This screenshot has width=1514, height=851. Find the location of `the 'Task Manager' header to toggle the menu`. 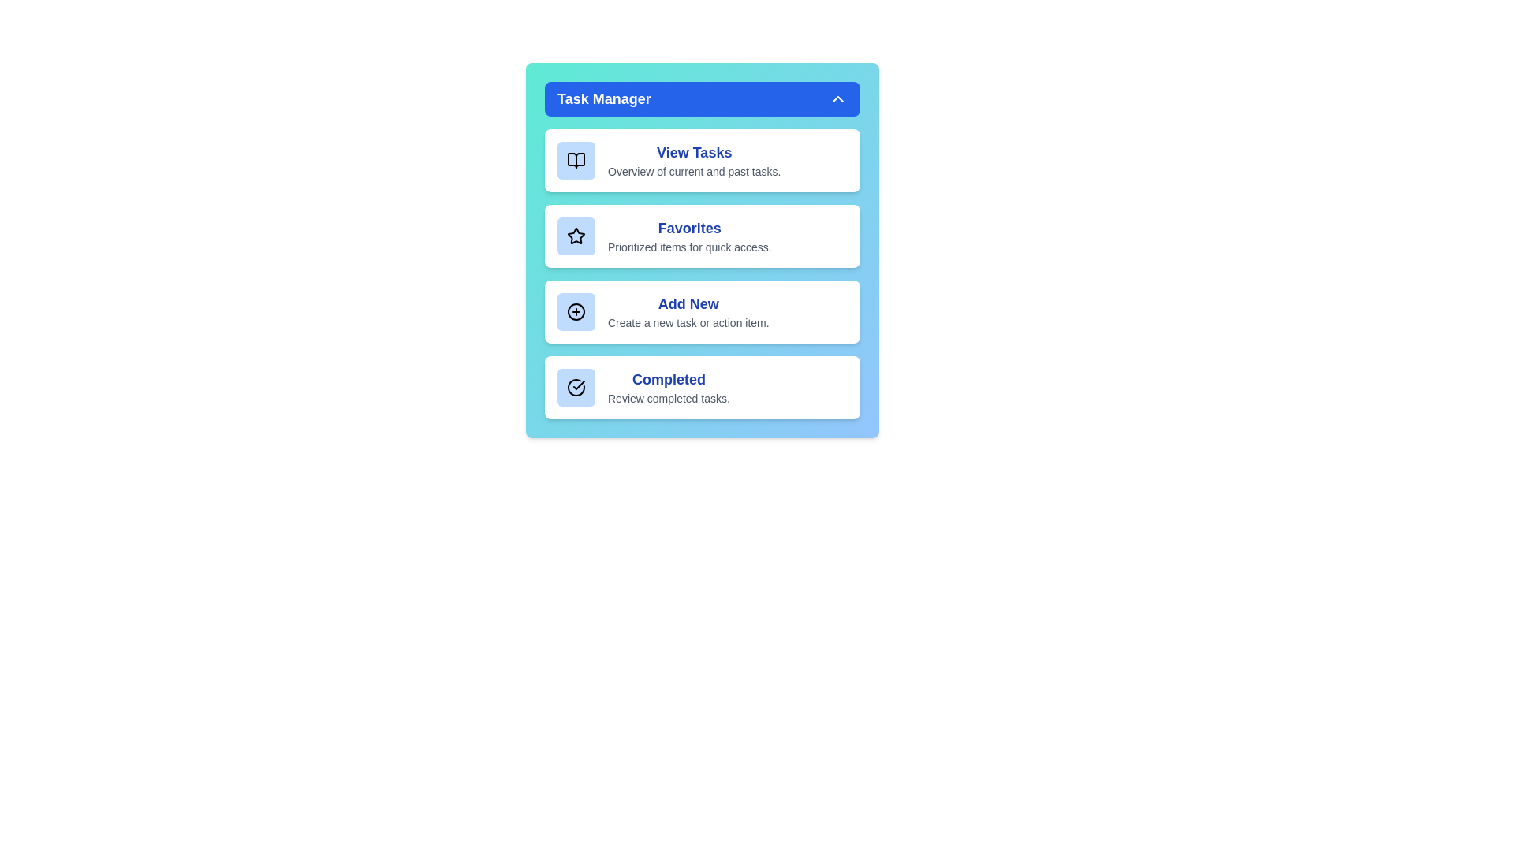

the 'Task Manager' header to toggle the menu is located at coordinates (702, 99).